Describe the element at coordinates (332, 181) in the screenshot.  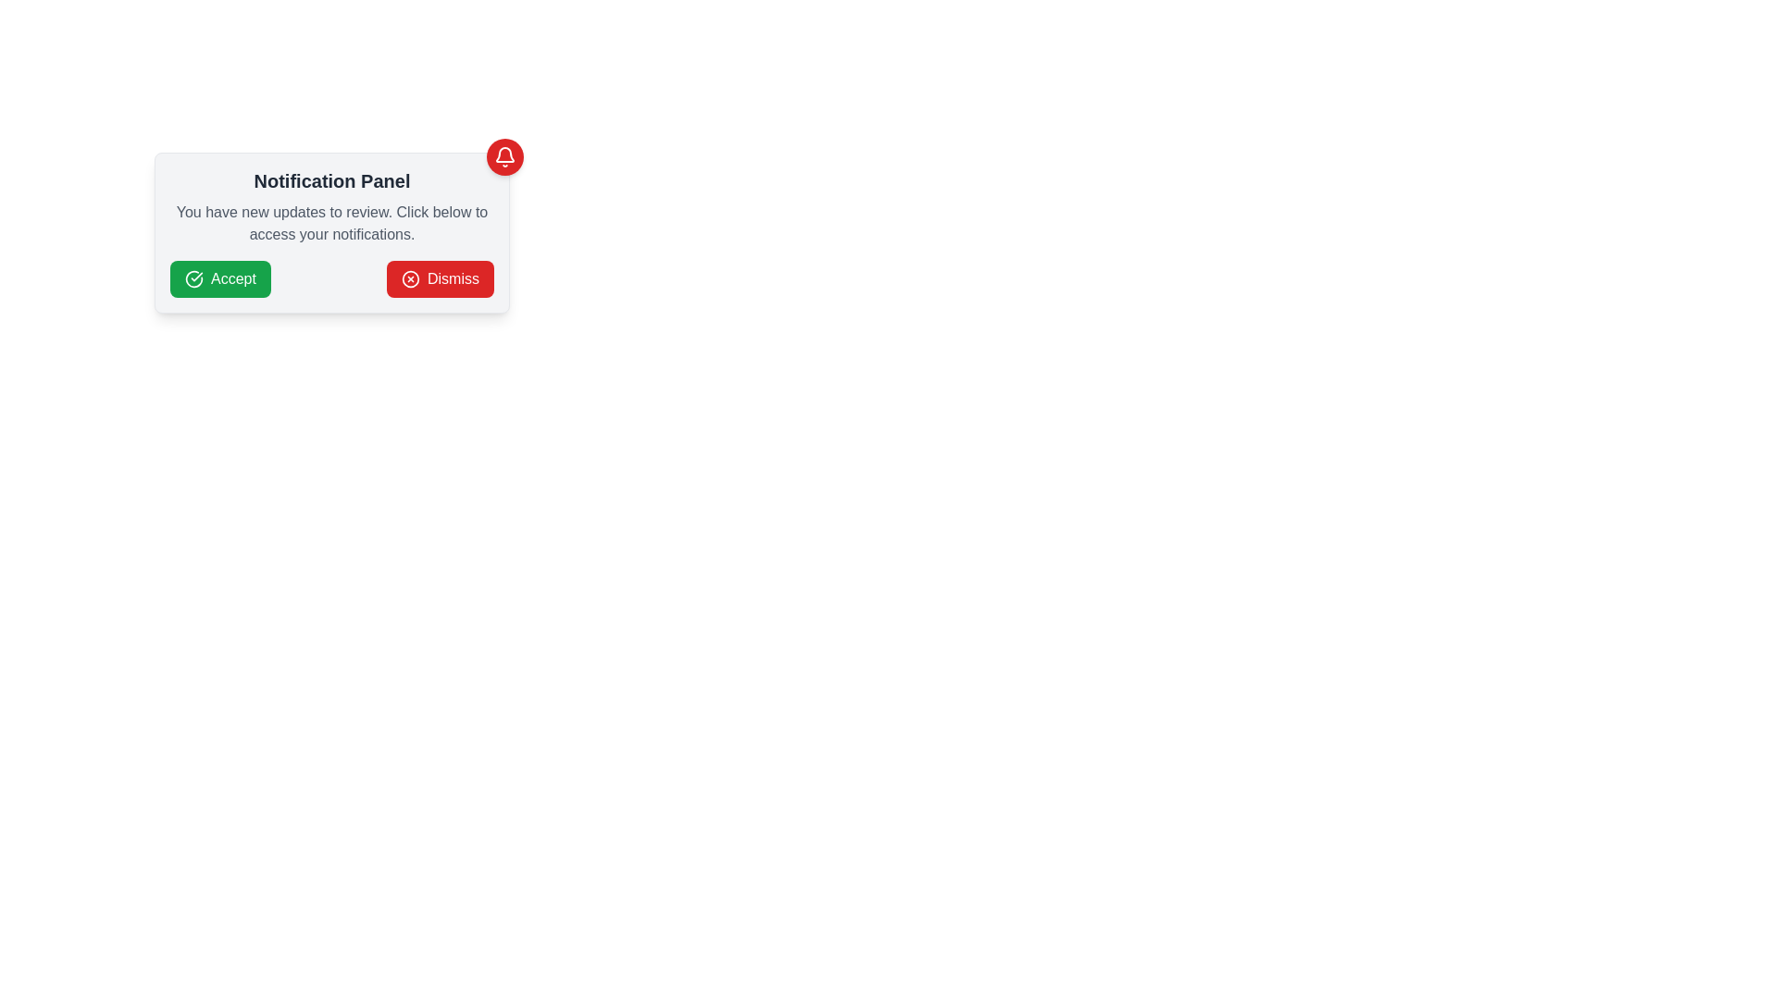
I see `the 'Notification Panel' label, which is a large, bold text header in dark gray color, center-aligned within a light gray rectangular card UI` at that location.